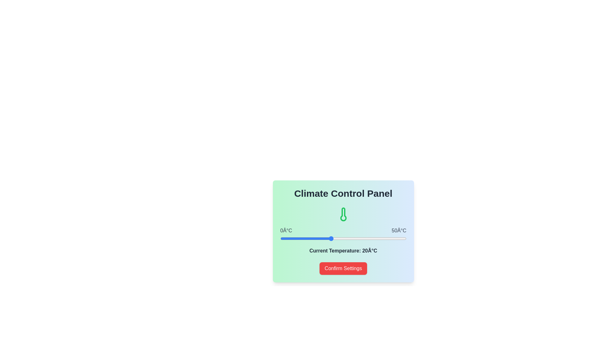 The height and width of the screenshot is (340, 605). What do you see at coordinates (363, 239) in the screenshot?
I see `the temperature slider to 33°C` at bounding box center [363, 239].